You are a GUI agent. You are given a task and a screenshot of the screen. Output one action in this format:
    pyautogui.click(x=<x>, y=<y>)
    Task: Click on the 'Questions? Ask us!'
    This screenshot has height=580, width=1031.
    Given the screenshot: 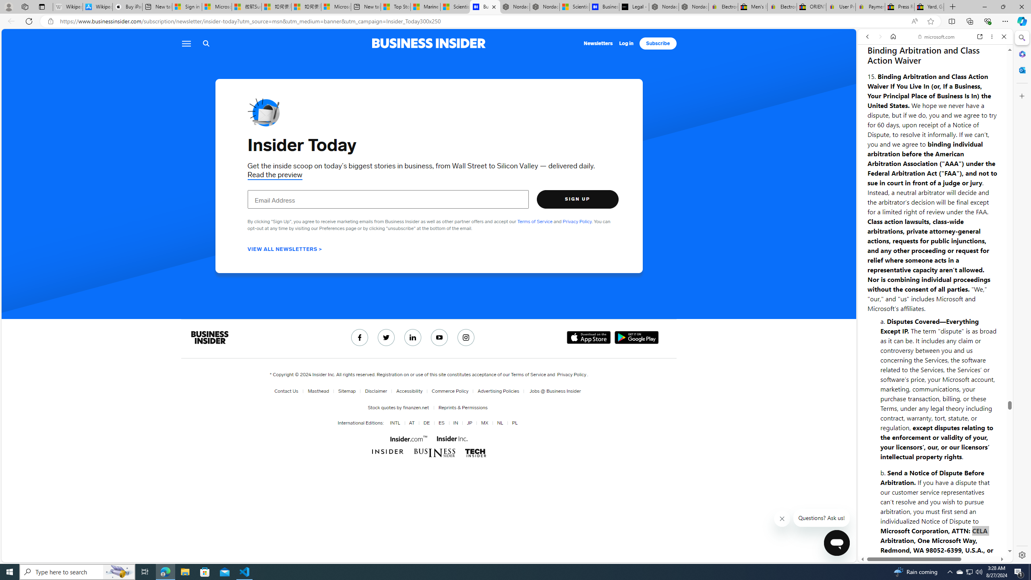 What is the action you would take?
    pyautogui.click(x=822, y=517)
    